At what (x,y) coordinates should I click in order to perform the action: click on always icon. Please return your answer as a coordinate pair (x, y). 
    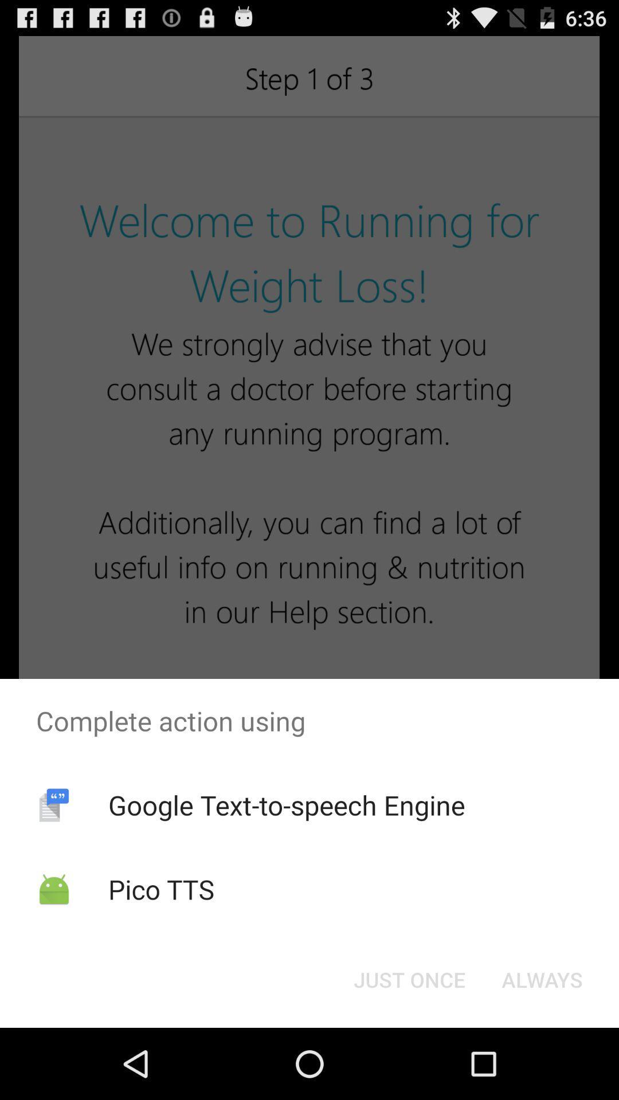
    Looking at the image, I should click on (542, 979).